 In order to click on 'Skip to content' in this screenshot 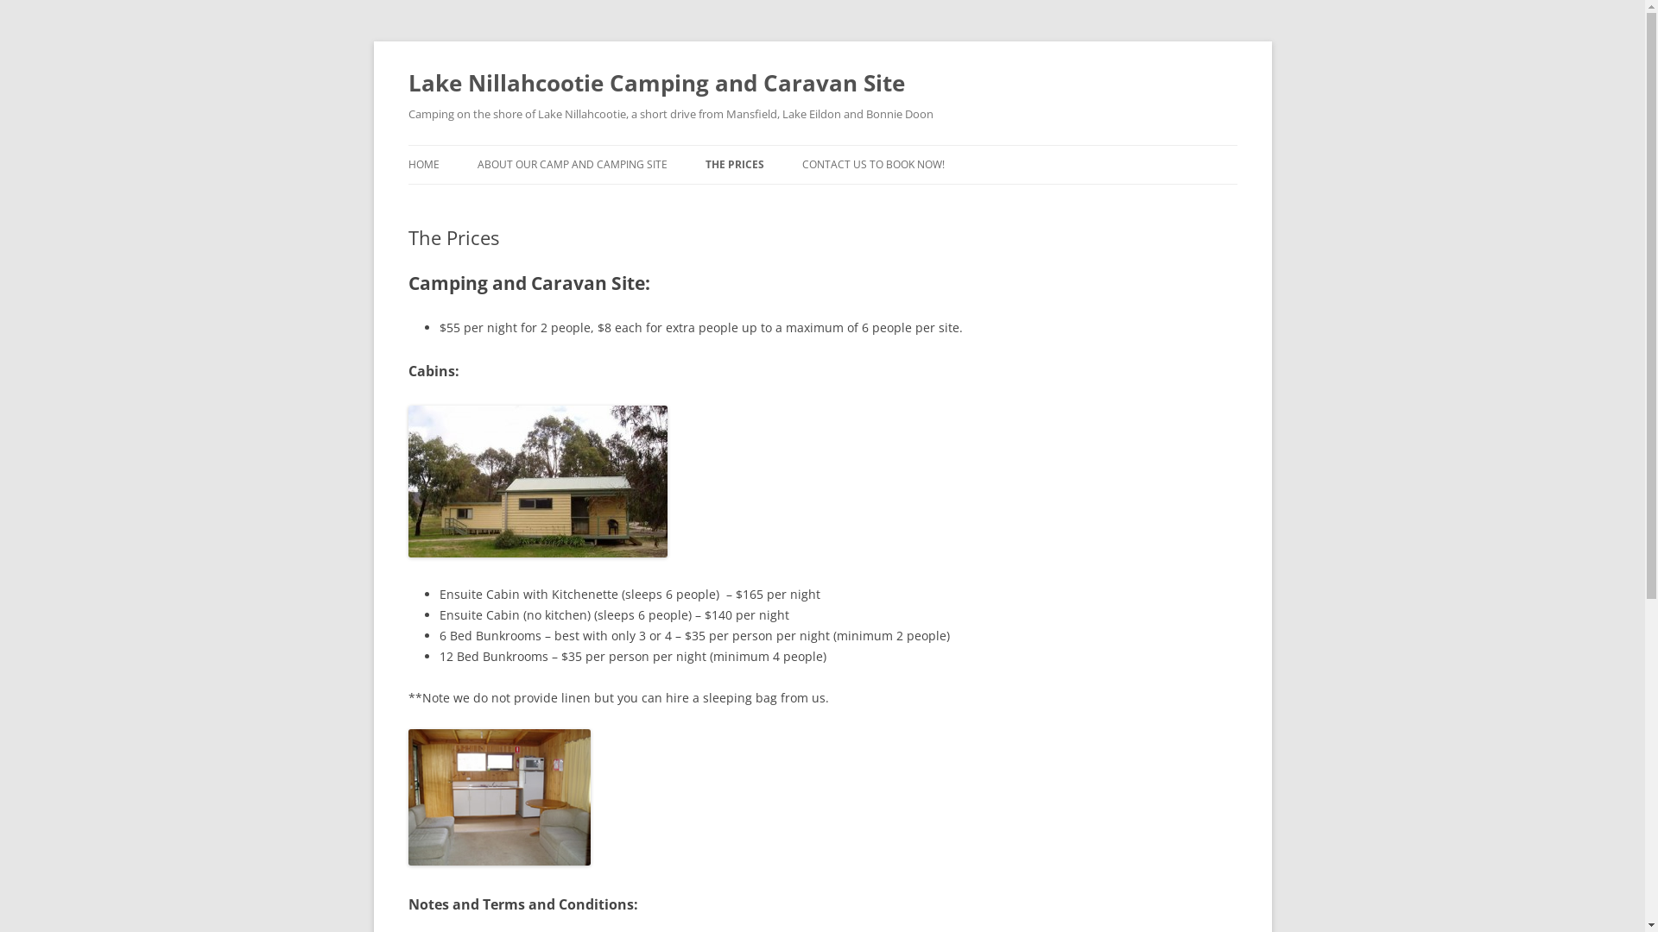, I will do `click(821, 144)`.